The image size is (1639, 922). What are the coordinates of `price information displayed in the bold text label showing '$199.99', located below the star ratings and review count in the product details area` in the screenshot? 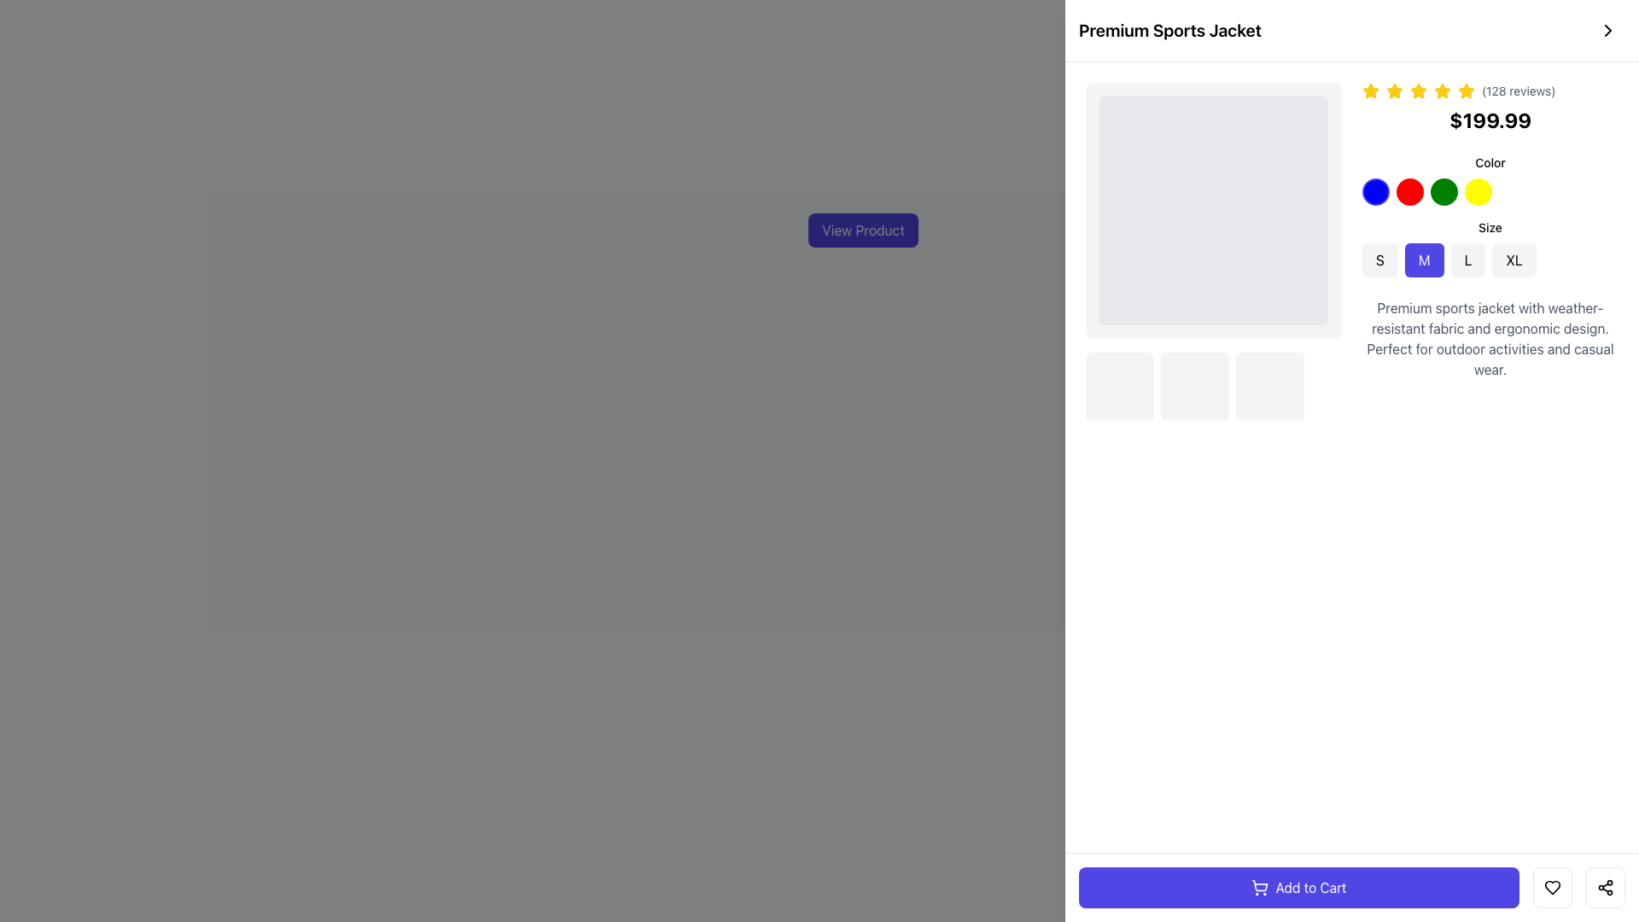 It's located at (1490, 120).